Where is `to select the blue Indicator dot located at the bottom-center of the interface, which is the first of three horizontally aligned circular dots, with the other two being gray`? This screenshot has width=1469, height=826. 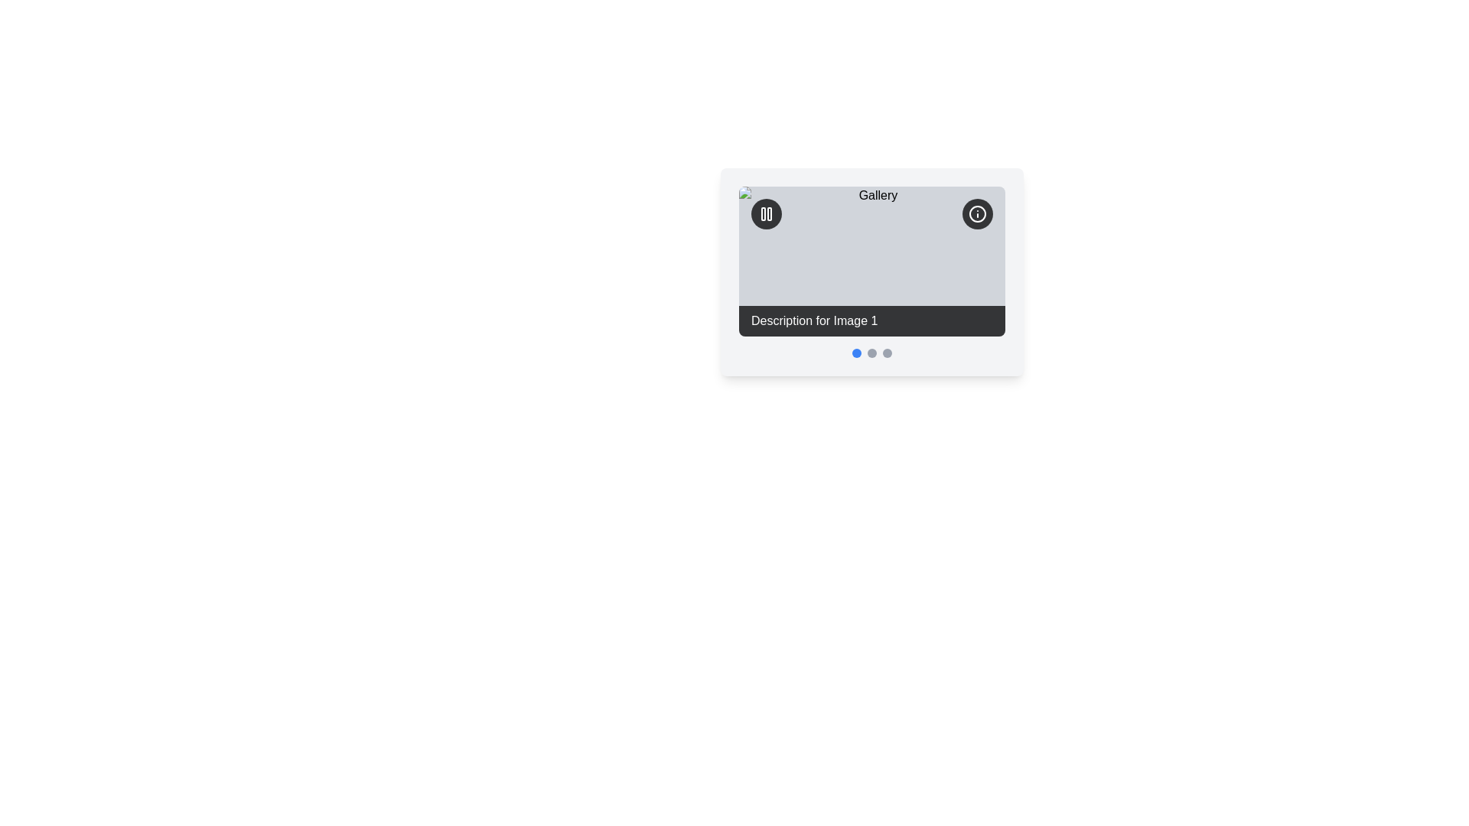
to select the blue Indicator dot located at the bottom-center of the interface, which is the first of three horizontally aligned circular dots, with the other two being gray is located at coordinates (855, 353).